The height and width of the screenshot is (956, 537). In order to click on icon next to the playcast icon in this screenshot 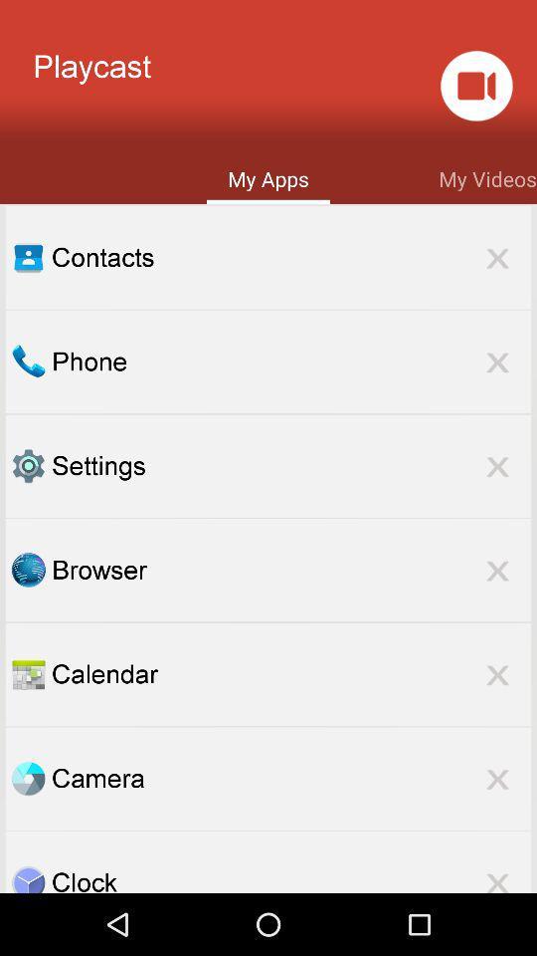, I will do `click(475, 86)`.